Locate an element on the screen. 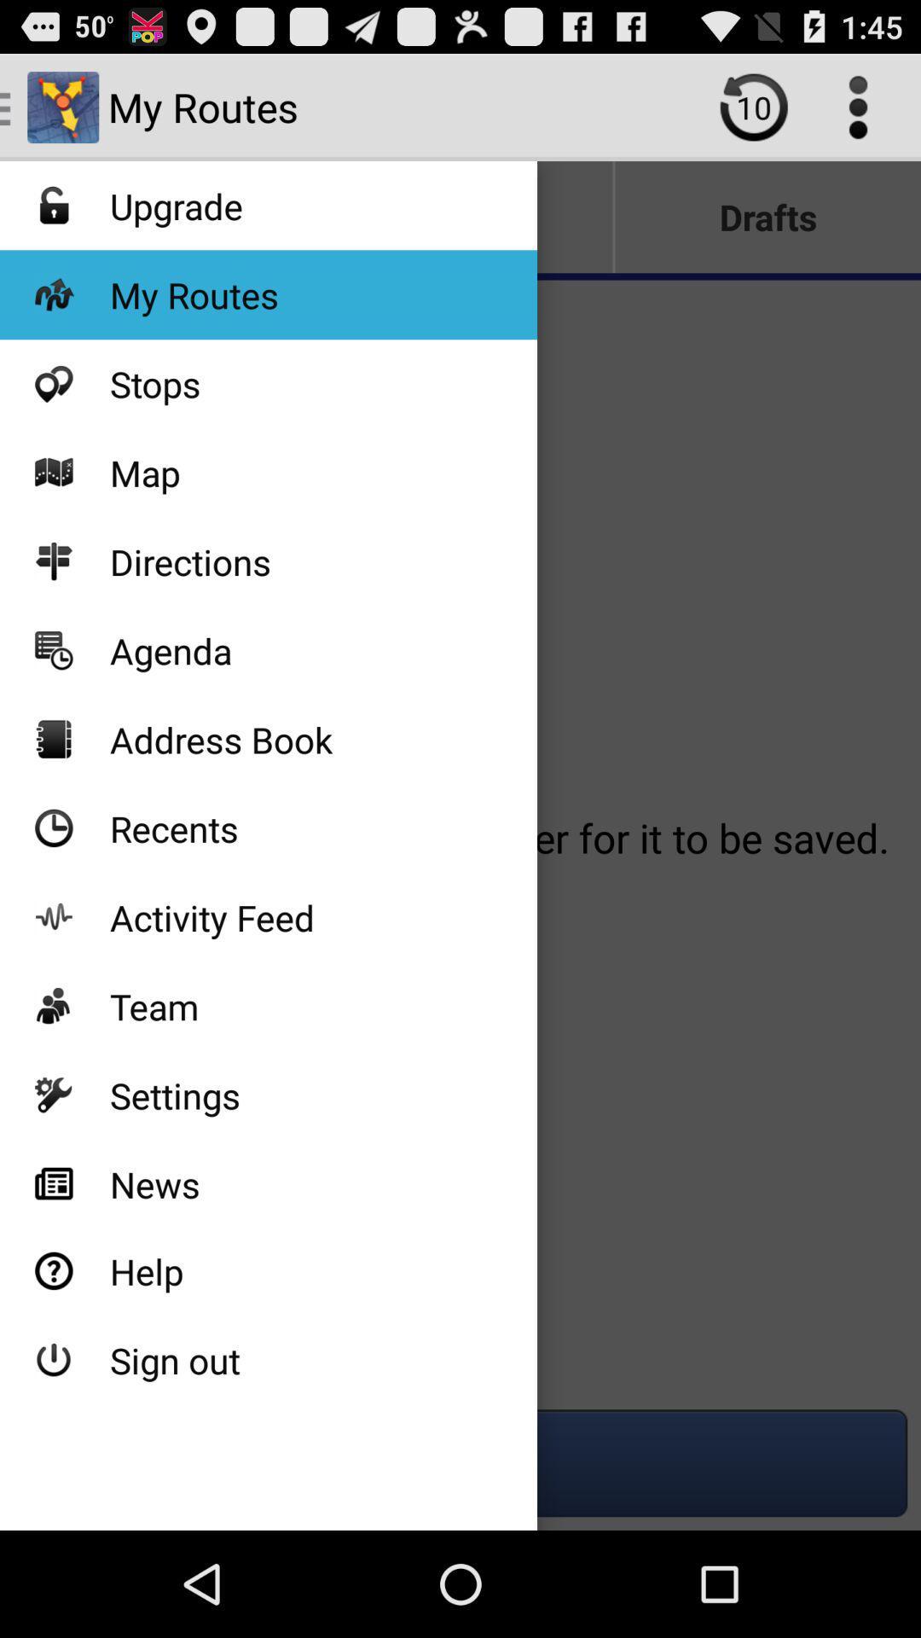  the icon which is beside activity feed is located at coordinates (53, 916).